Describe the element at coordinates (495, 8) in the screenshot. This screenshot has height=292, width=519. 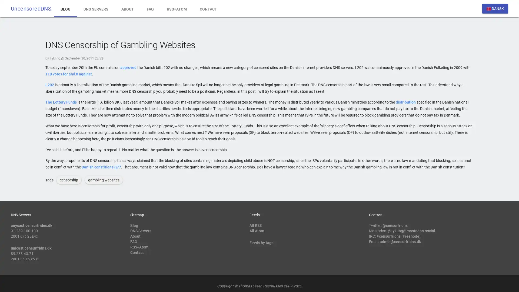
I see `dansk DANSK` at that location.